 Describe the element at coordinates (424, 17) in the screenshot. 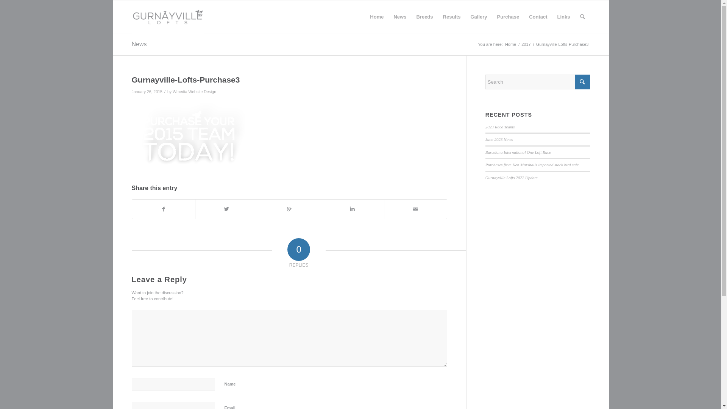

I see `'Breeds'` at that location.